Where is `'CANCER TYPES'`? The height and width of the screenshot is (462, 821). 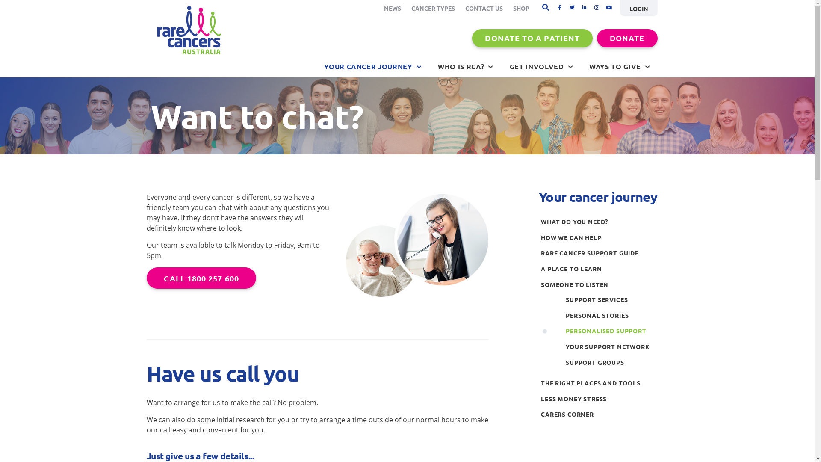
'CANCER TYPES' is located at coordinates (433, 8).